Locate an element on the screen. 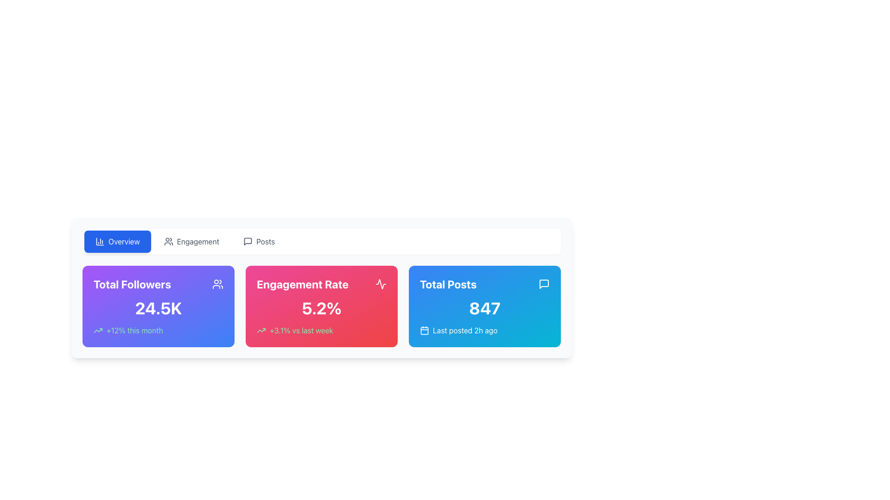 The height and width of the screenshot is (500, 890). the text label that displays the engagement rate statistic, which is centrally aligned within the red card labeled 'Engagement Rate' is located at coordinates (322, 308).